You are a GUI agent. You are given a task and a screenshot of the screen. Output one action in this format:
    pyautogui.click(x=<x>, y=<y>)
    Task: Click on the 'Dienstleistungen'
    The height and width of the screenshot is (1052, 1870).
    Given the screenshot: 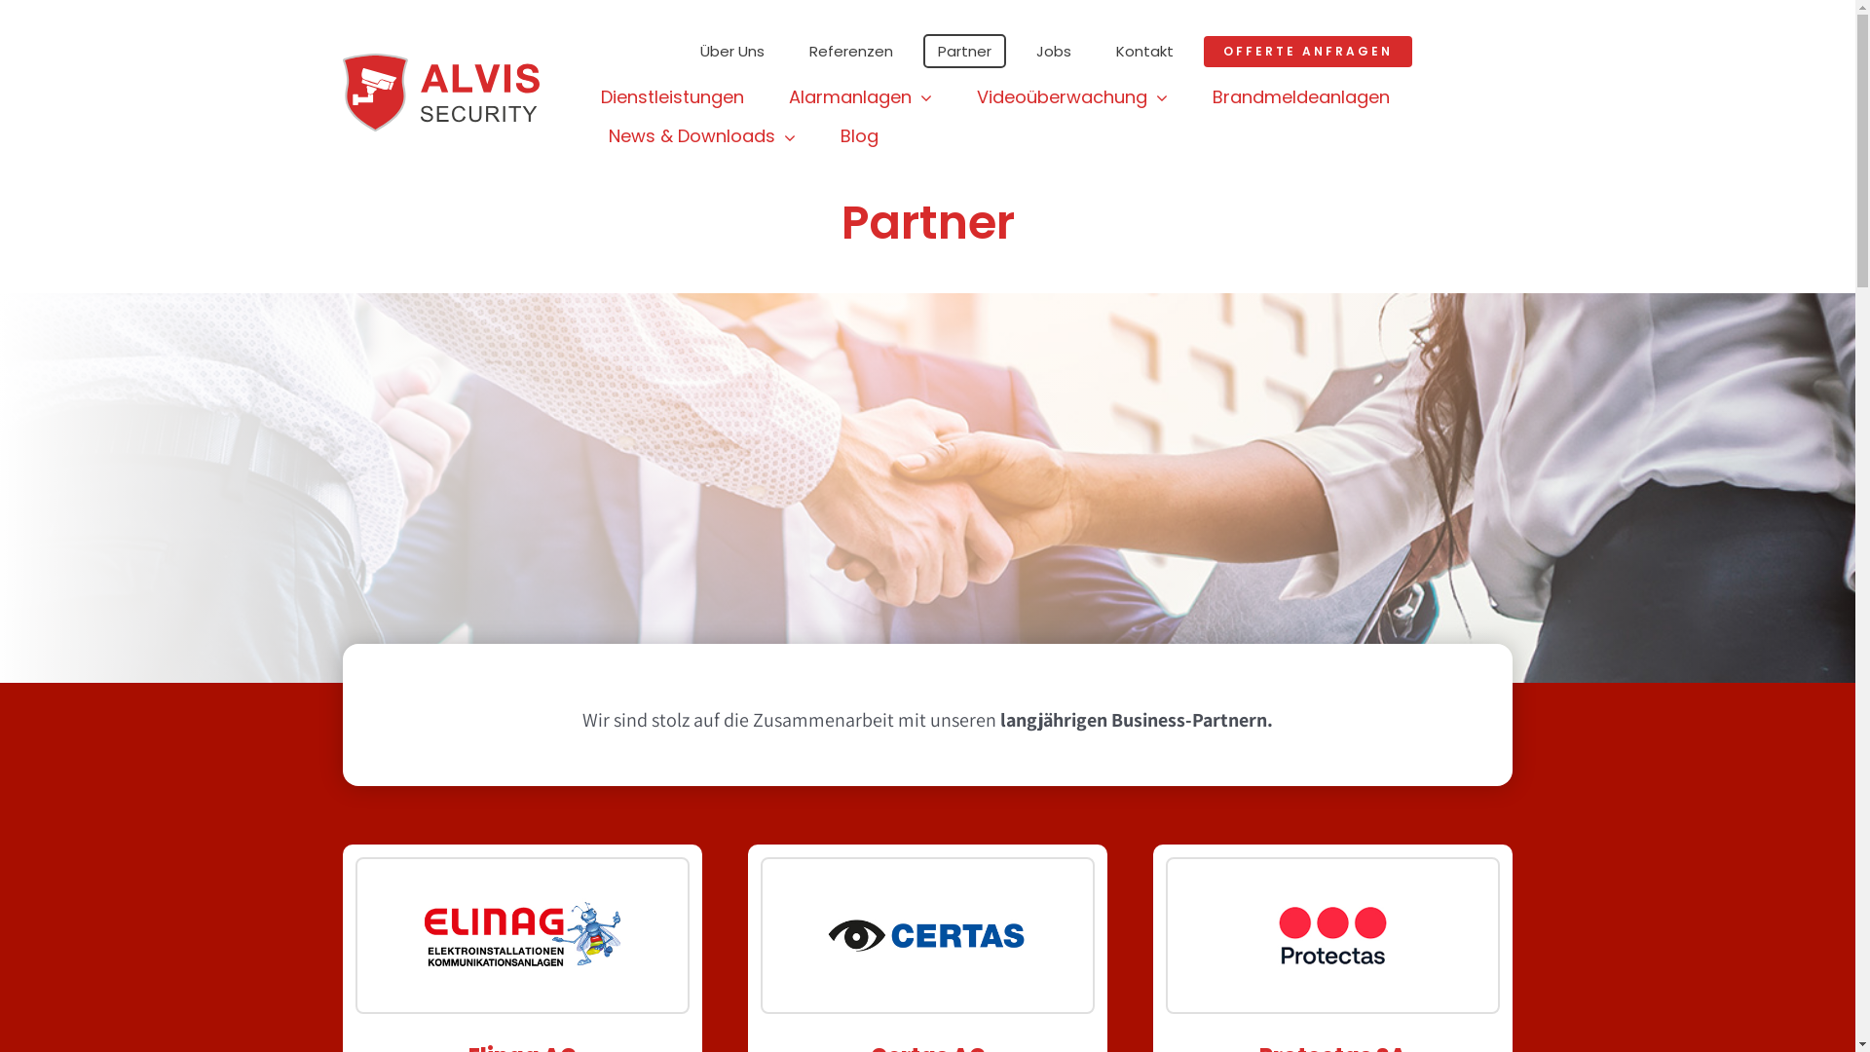 What is the action you would take?
    pyautogui.click(x=672, y=97)
    